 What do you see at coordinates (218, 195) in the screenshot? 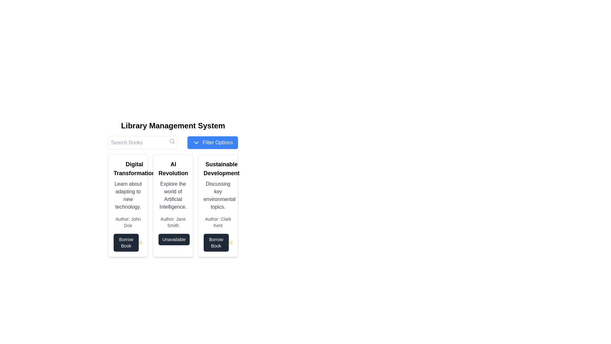
I see `the text block containing the phrase 'Discussing key environmental topics.' styled in gray, located in the third card from the left under the title 'Sustainable Development'` at bounding box center [218, 195].